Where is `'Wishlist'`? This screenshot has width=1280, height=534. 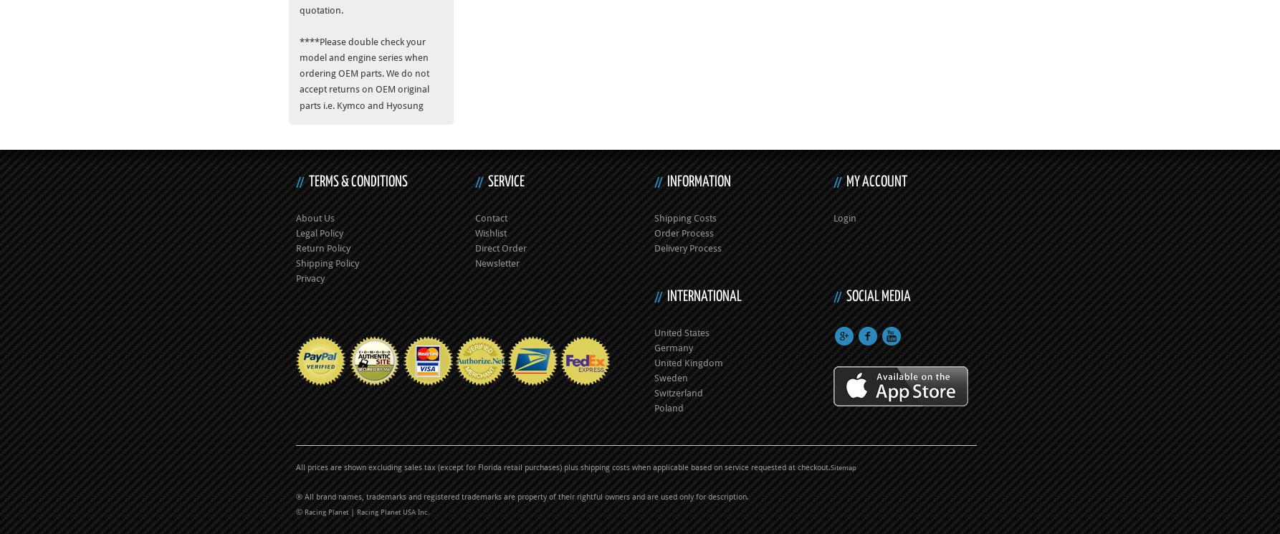
'Wishlist' is located at coordinates (490, 232).